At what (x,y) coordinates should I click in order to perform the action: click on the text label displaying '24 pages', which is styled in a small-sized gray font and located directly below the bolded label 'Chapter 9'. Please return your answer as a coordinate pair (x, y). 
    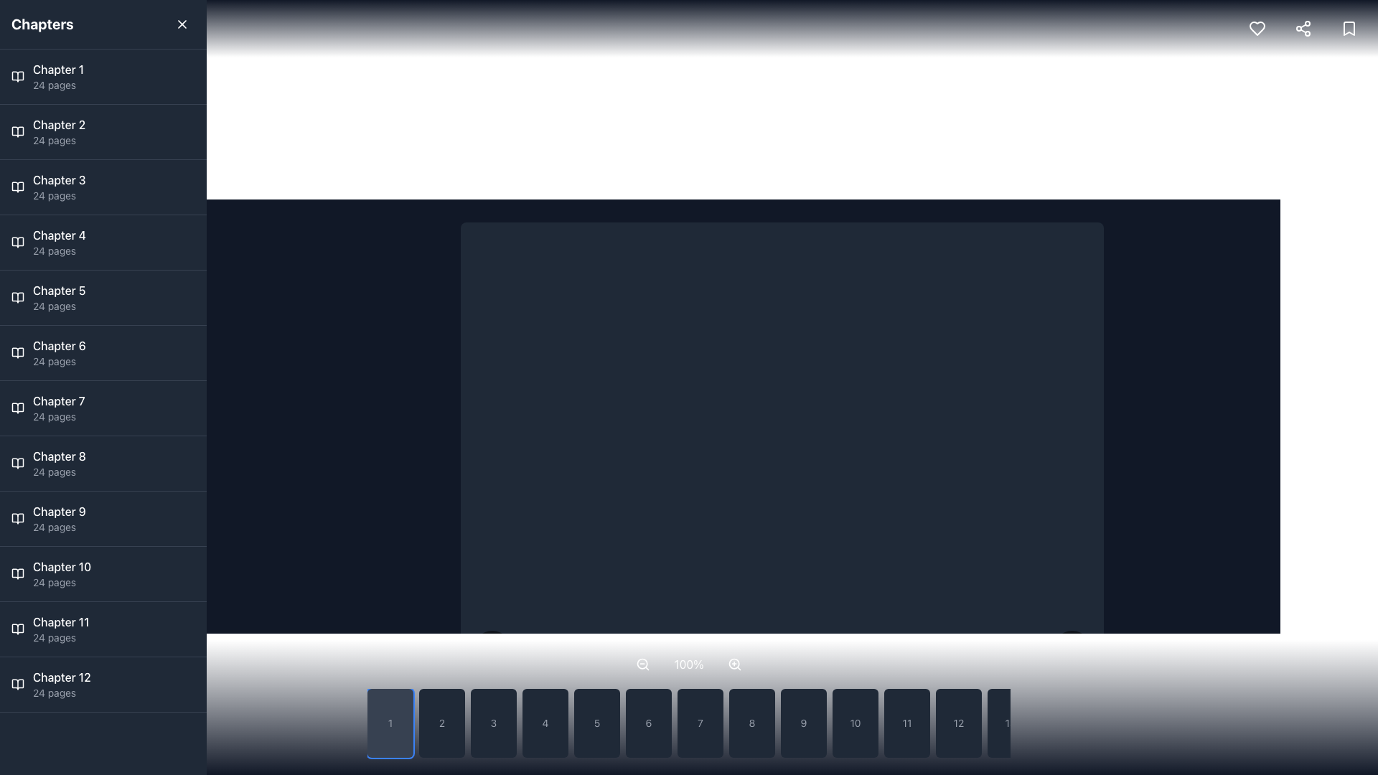
    Looking at the image, I should click on (58, 527).